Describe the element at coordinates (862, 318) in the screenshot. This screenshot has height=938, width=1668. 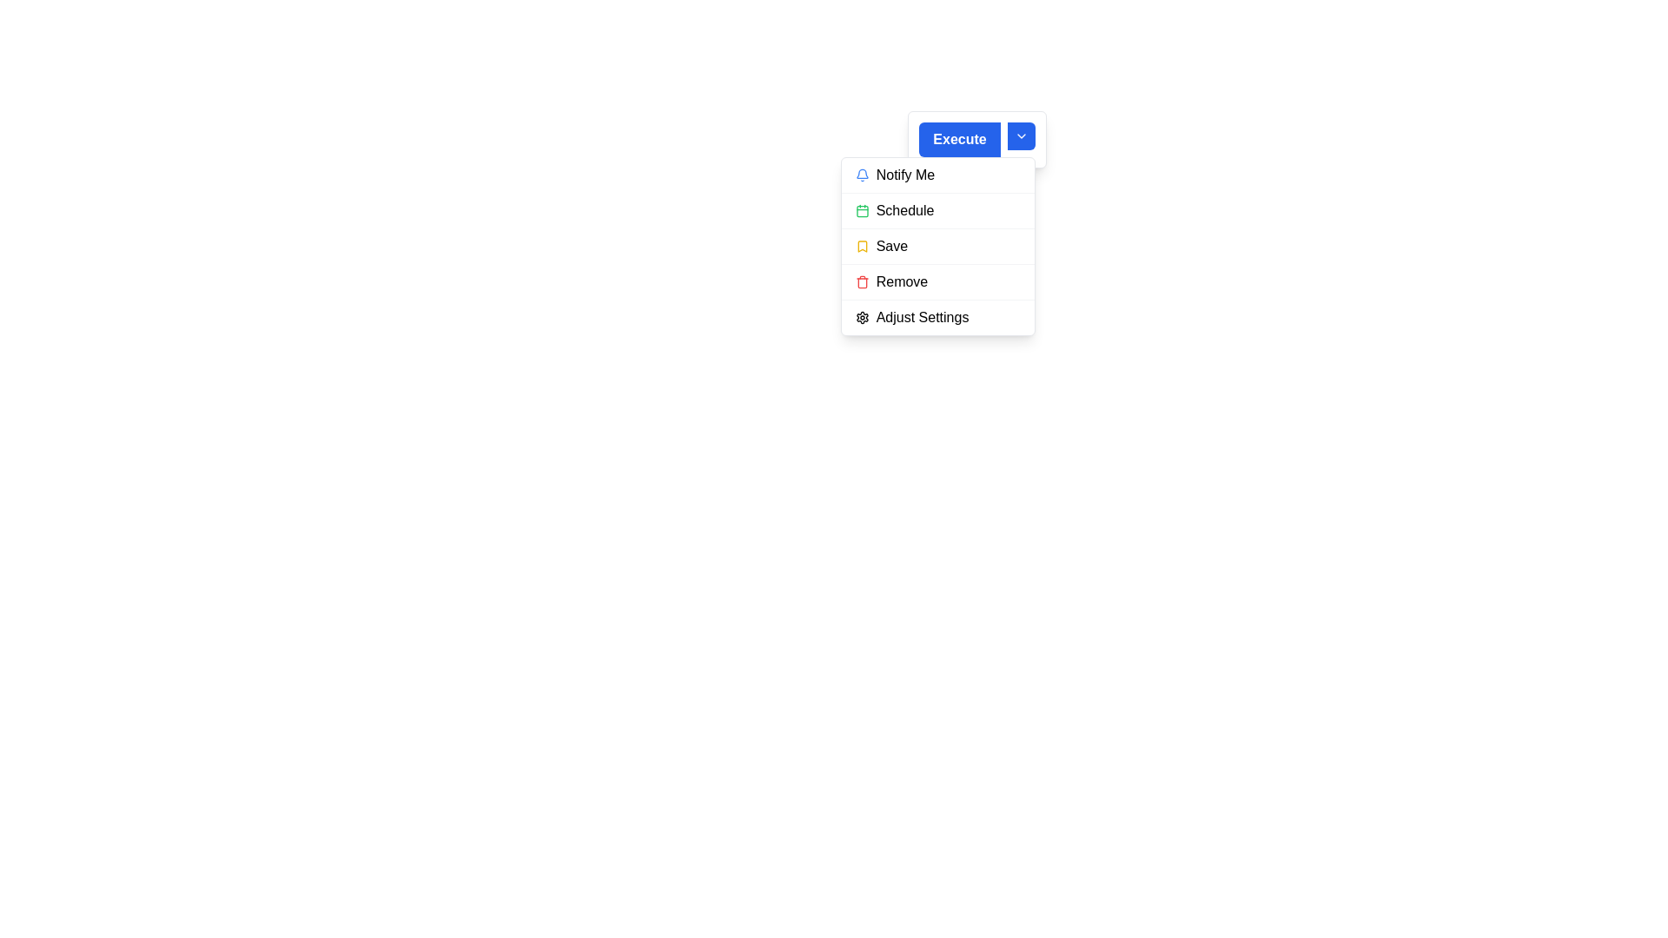
I see `the gear icon in the last row of the vertical menu list` at that location.